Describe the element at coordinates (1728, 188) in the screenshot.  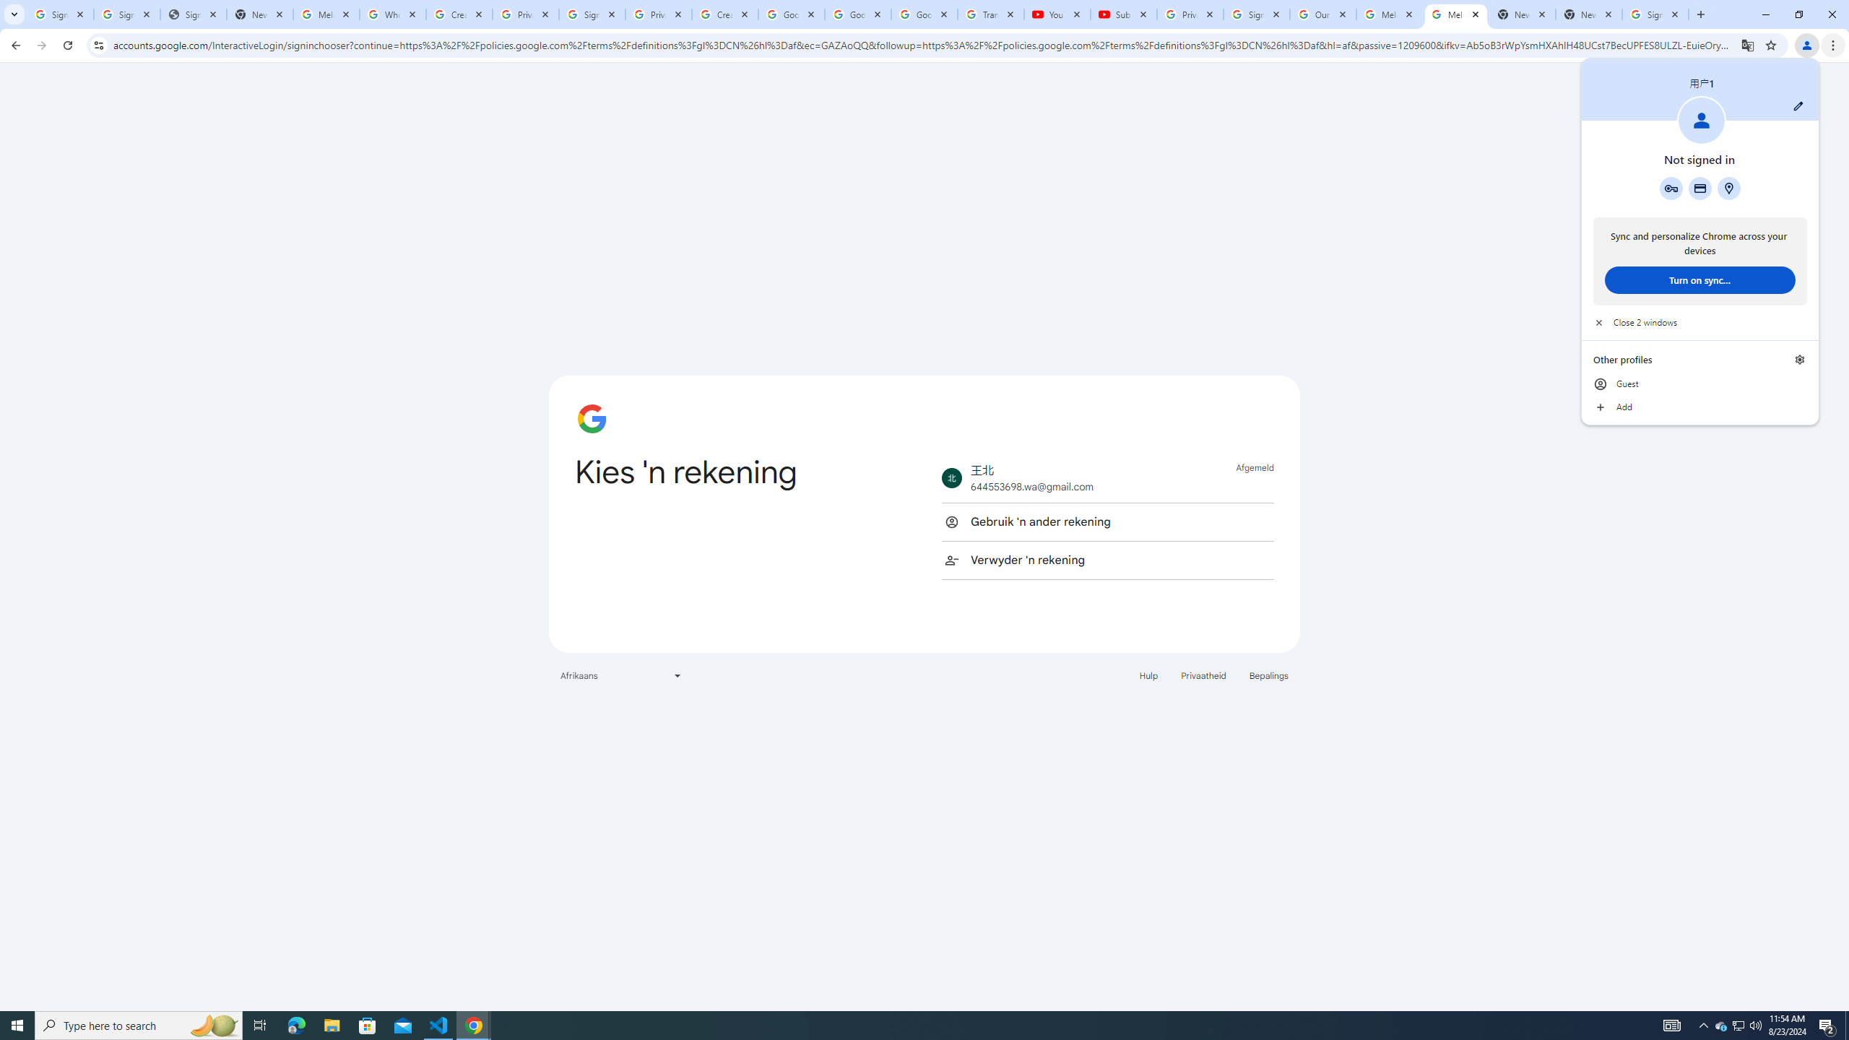
I see `'Addresses and more'` at that location.